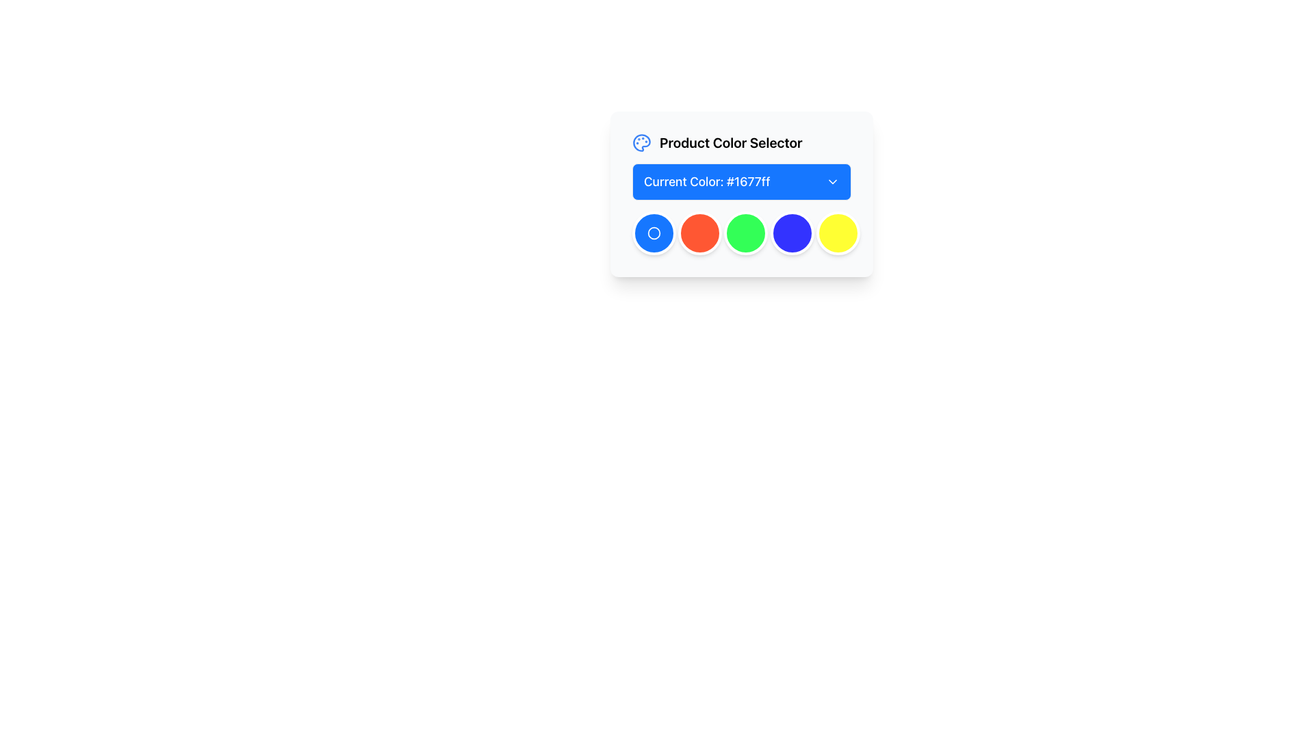 The width and height of the screenshot is (1314, 739). I want to click on the Dropdown Selector displaying 'Current Color: #1677ff' in white with a blue background, located below 'Product Color Selector', so click(741, 181).